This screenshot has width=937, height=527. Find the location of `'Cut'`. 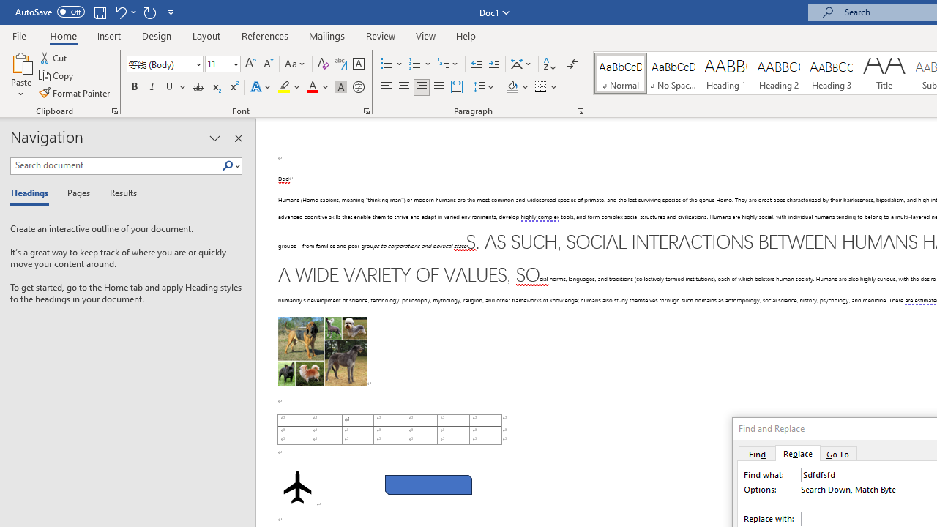

'Cut' is located at coordinates (54, 57).